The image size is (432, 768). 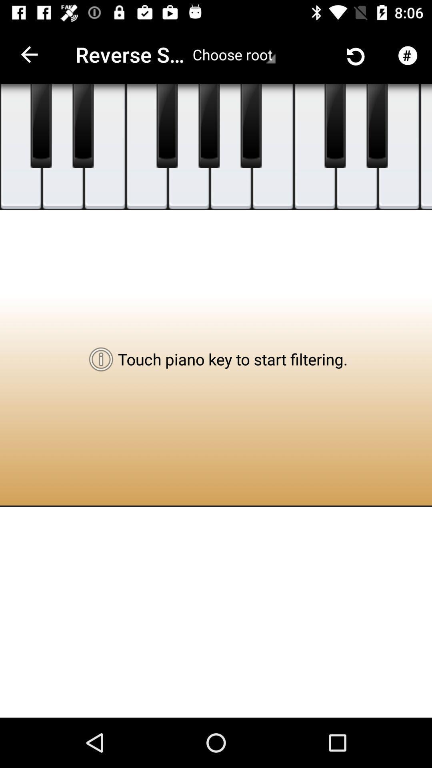 What do you see at coordinates (272, 147) in the screenshot?
I see `item above touch piano key icon` at bounding box center [272, 147].